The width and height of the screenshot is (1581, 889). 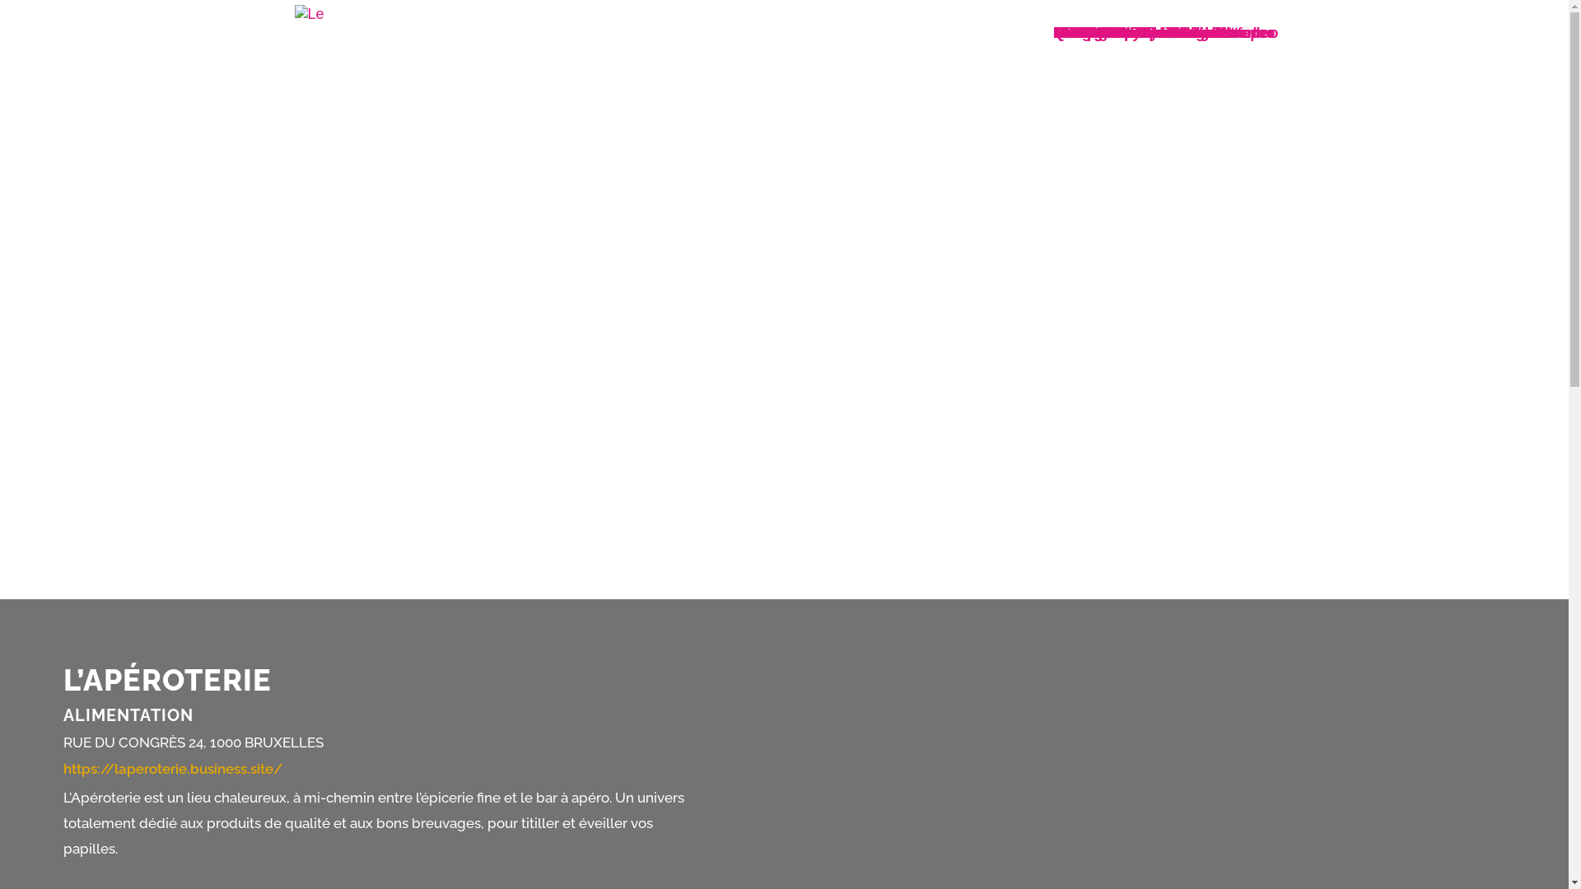 I want to click on 'Boulevards du centre', so click(x=1128, y=32).